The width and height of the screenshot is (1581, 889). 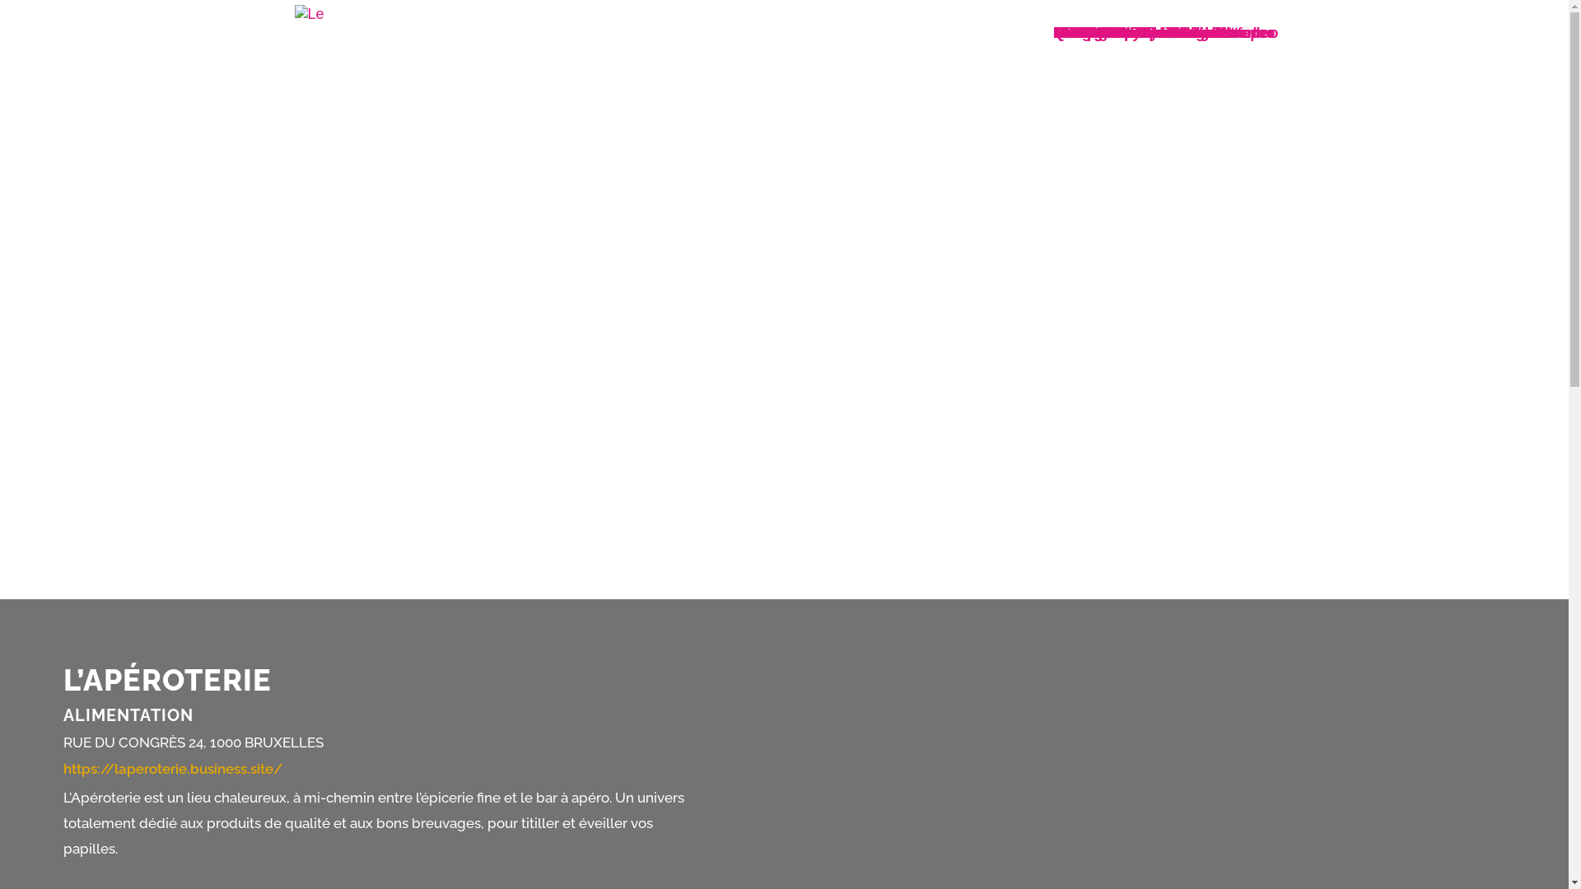 I want to click on 'Boulevards du centre', so click(x=1128, y=32).